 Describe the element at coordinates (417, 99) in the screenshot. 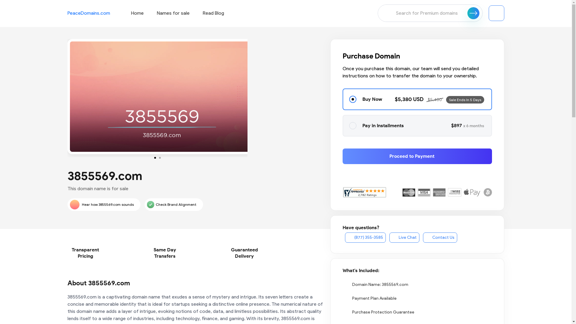

I see `'Buy Now` at that location.